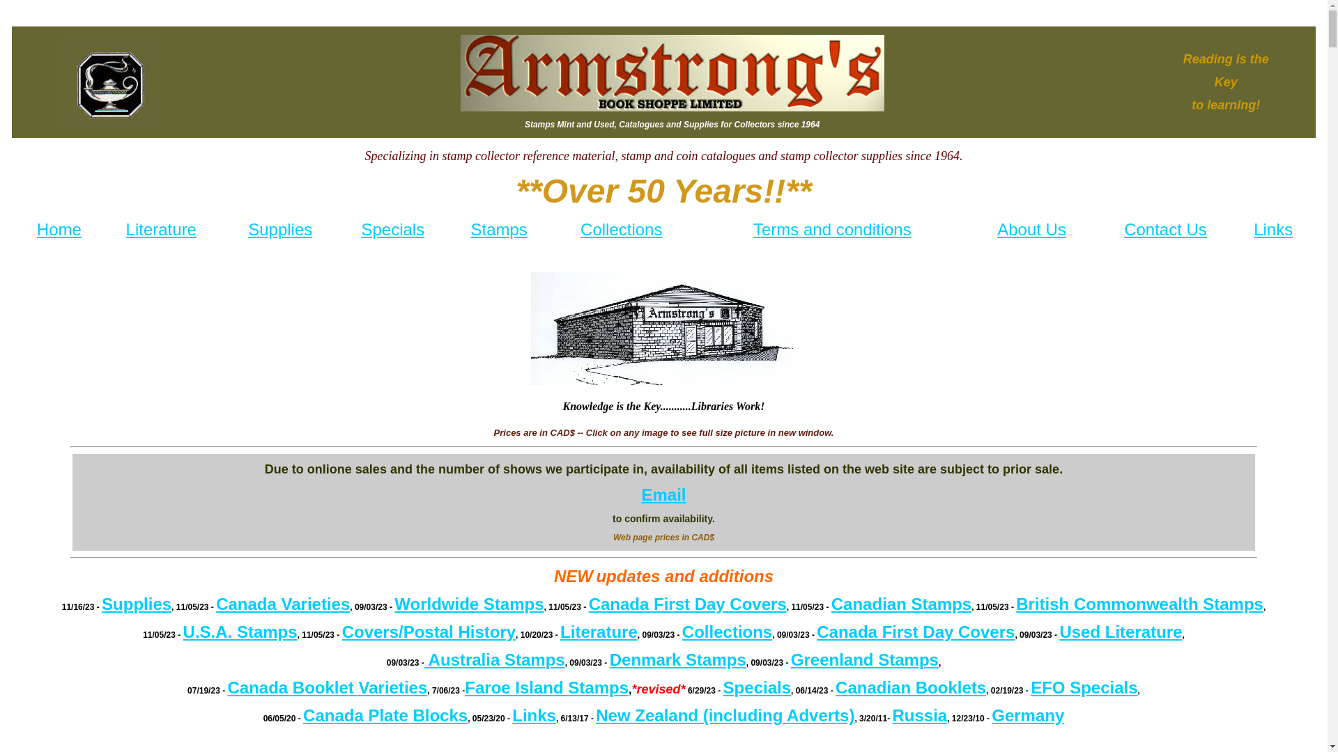 This screenshot has height=752, width=1338. I want to click on 'Used Literature', so click(1121, 632).